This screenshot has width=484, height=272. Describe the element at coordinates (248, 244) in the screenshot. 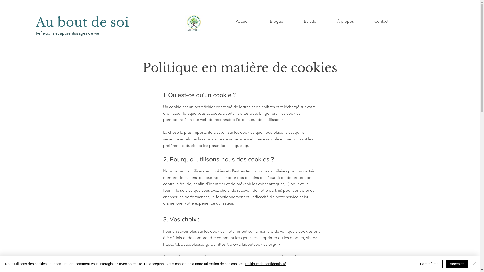

I see `'https://www.allaboutcookies.org/fr/'` at that location.